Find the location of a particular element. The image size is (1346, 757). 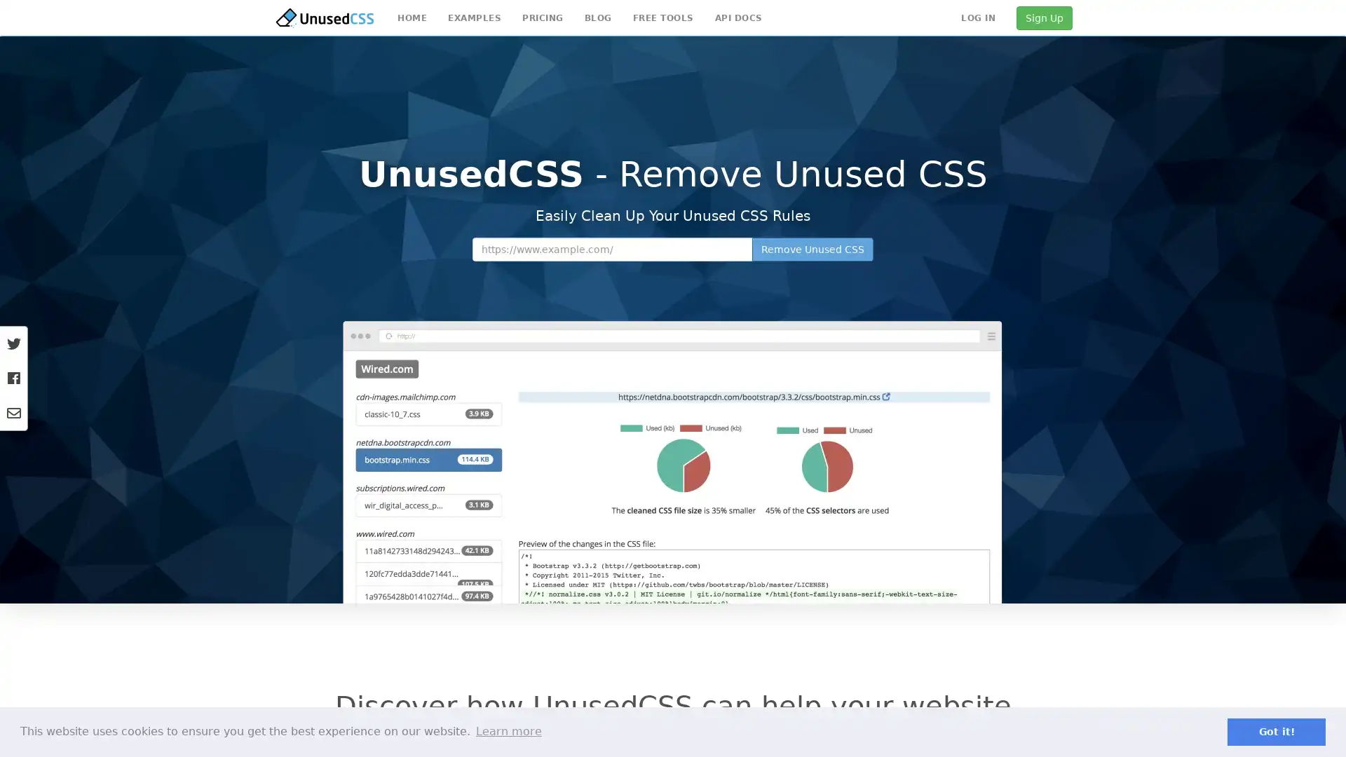

Sign Up is located at coordinates (1044, 18).